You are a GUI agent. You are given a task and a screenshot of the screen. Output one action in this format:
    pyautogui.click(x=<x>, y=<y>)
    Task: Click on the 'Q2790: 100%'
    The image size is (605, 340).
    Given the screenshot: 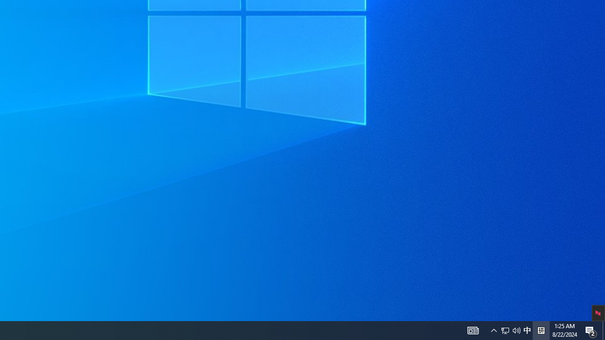 What is the action you would take?
    pyautogui.click(x=541, y=330)
    